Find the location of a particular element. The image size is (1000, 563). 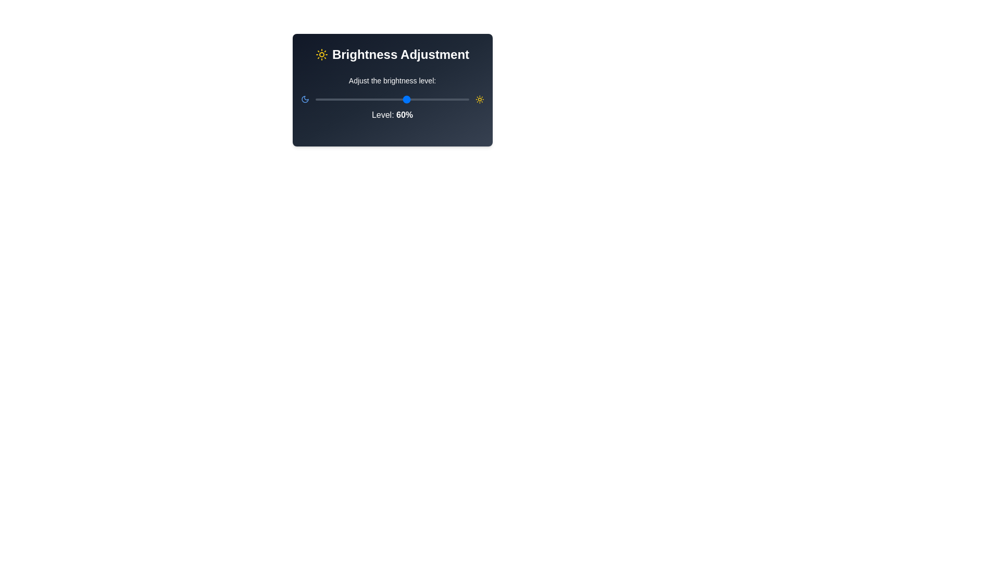

the brightness level is located at coordinates (451, 100).